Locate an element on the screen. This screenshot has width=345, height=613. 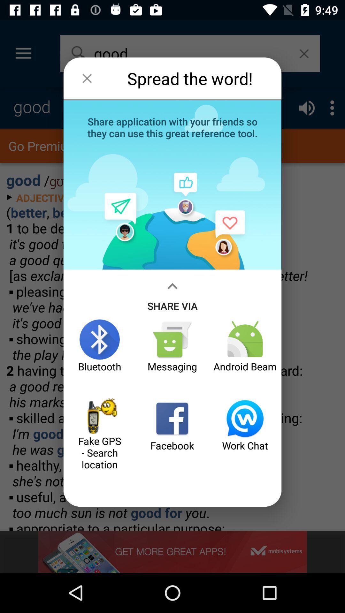
the share via item is located at coordinates (172, 294).